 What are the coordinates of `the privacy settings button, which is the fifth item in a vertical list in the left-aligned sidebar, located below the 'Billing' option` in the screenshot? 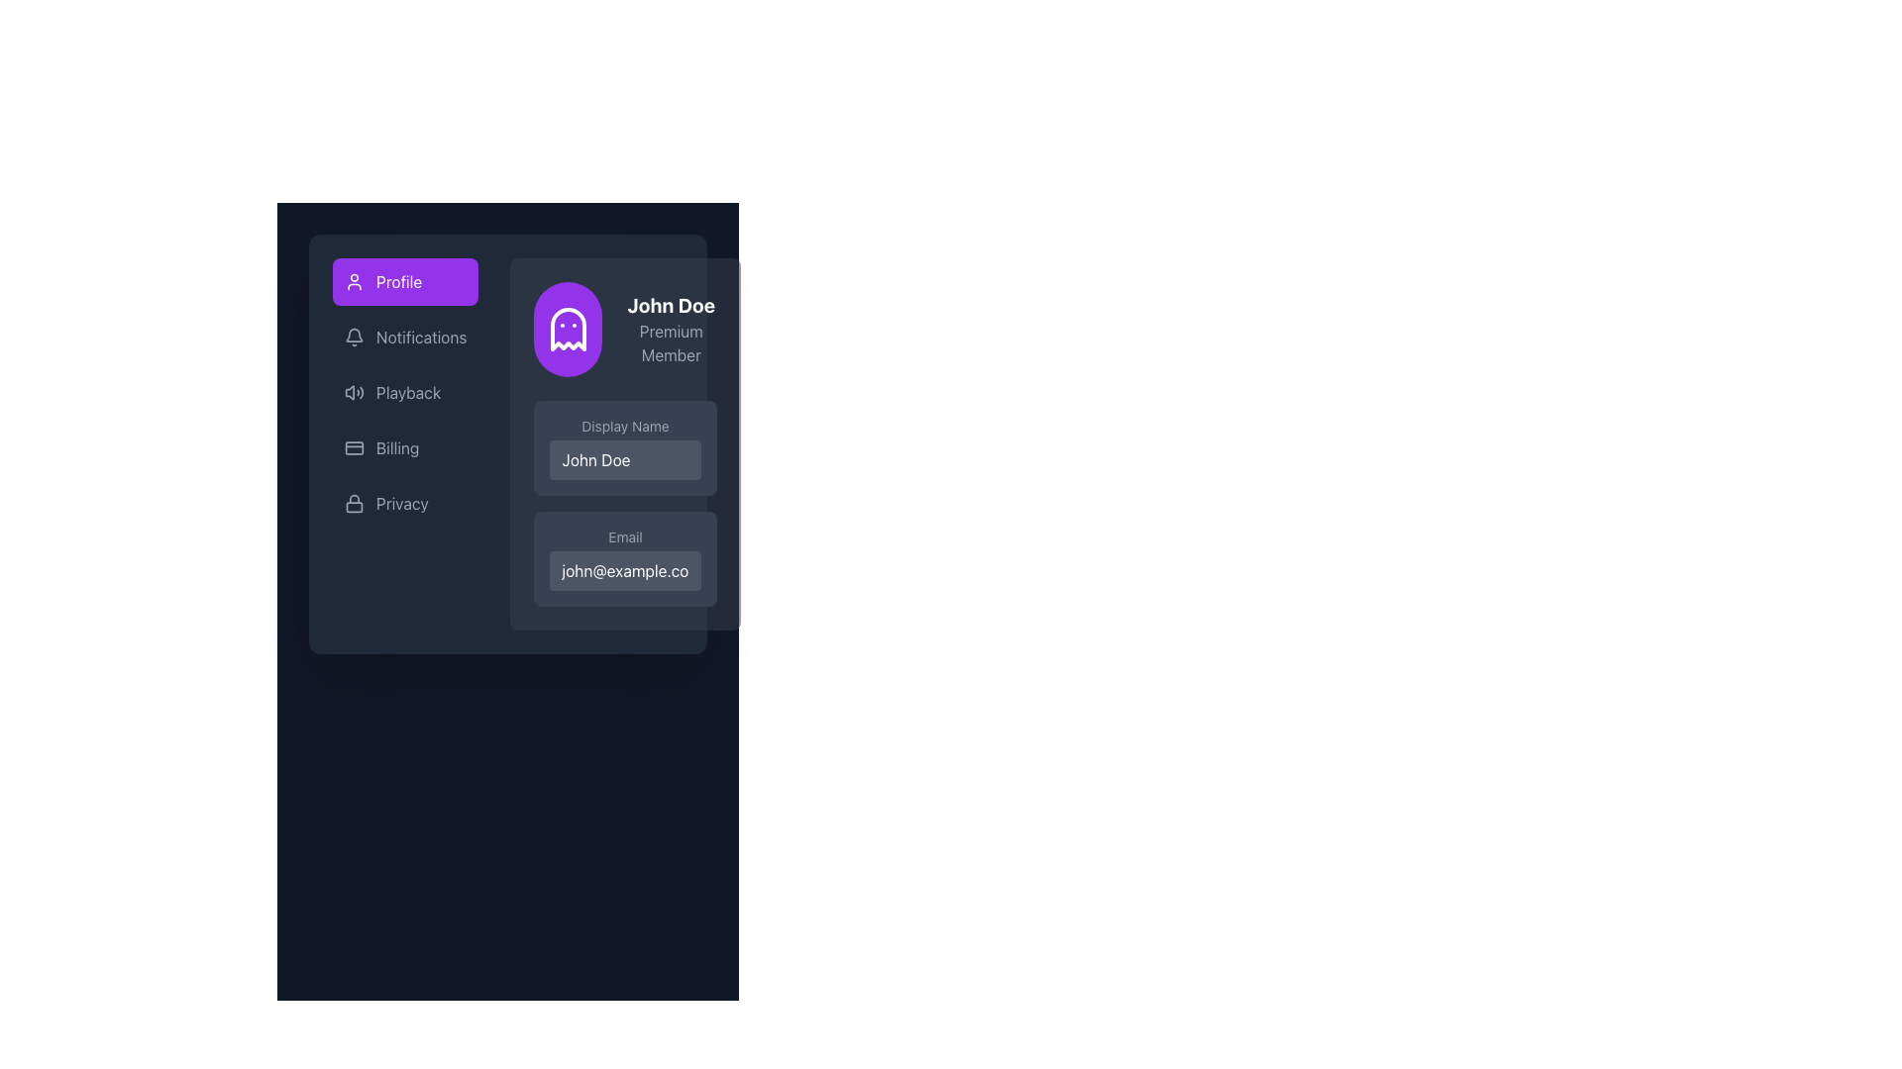 It's located at (404, 503).